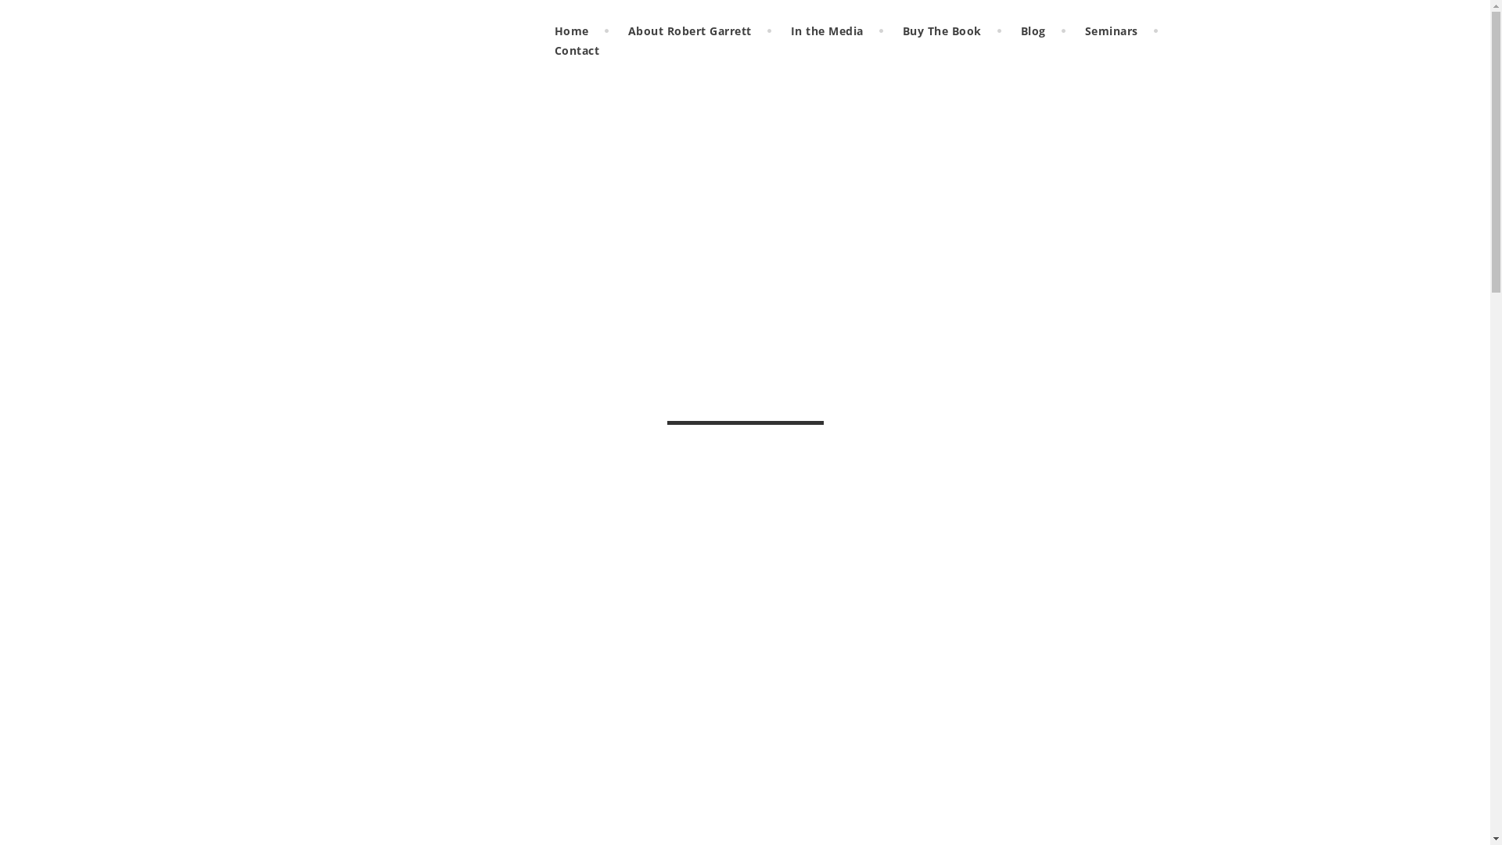  Describe the element at coordinates (1009, 31) in the screenshot. I see `'Blog'` at that location.